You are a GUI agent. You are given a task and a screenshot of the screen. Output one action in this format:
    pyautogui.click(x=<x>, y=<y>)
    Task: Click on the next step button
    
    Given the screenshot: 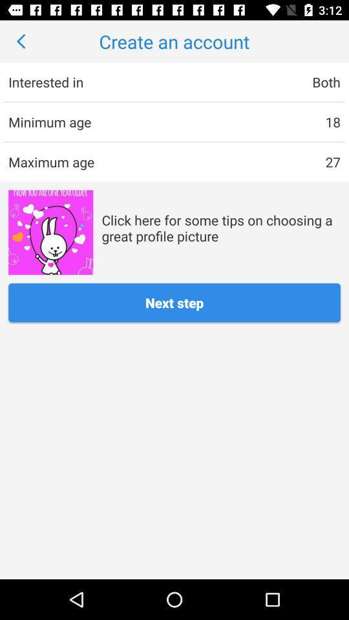 What is the action you would take?
    pyautogui.click(x=174, y=302)
    